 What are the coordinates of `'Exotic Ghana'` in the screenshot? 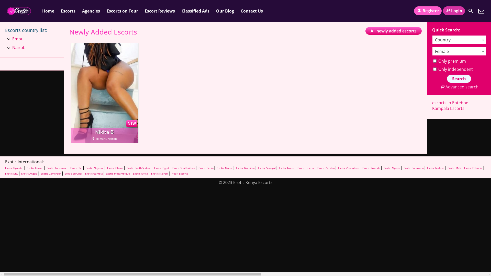 It's located at (107, 168).